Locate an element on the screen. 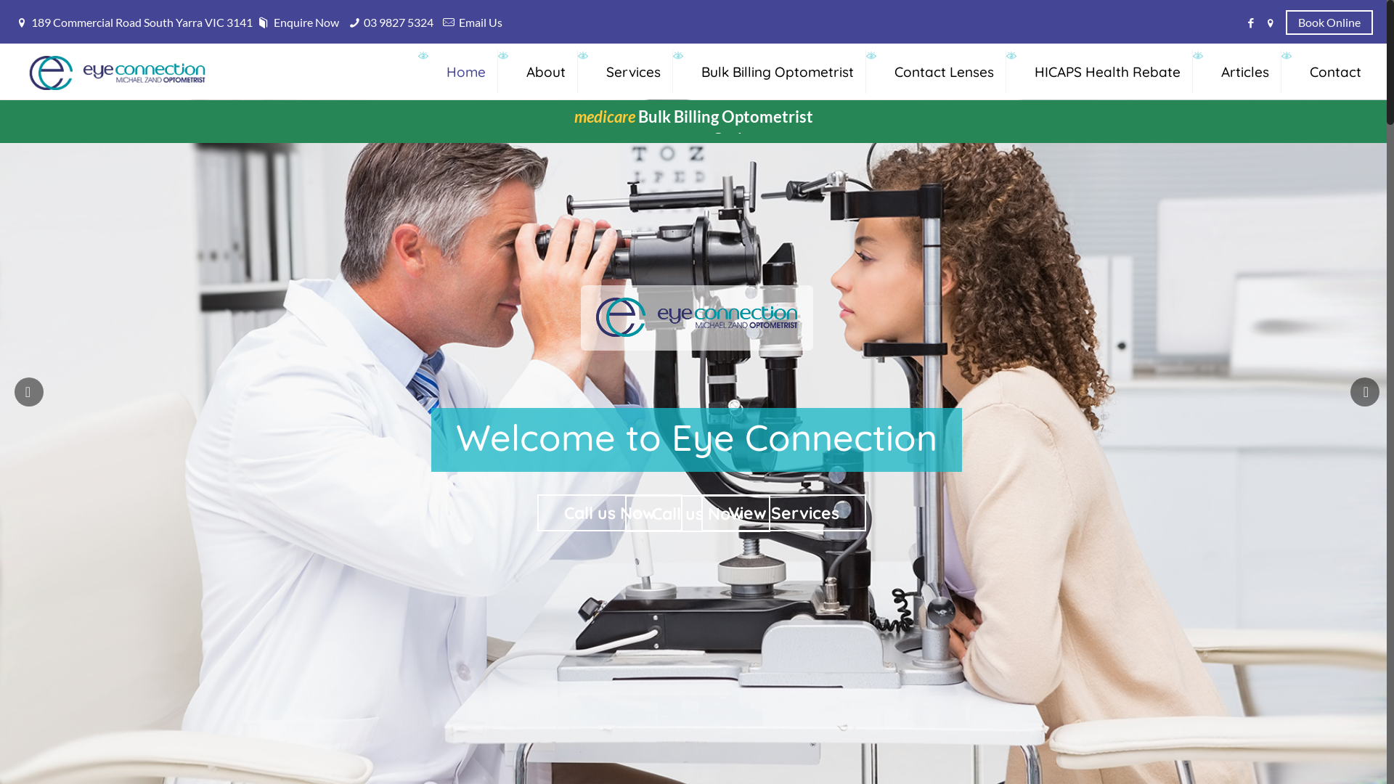  'Contact' is located at coordinates (1335, 71).